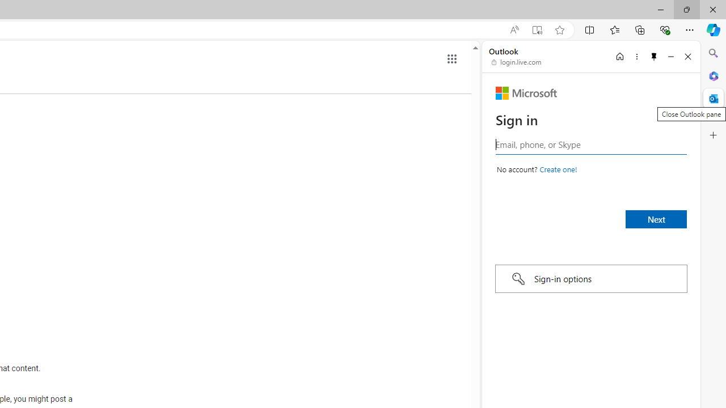  Describe the element at coordinates (713, 53) in the screenshot. I see `'Close Search pane'` at that location.